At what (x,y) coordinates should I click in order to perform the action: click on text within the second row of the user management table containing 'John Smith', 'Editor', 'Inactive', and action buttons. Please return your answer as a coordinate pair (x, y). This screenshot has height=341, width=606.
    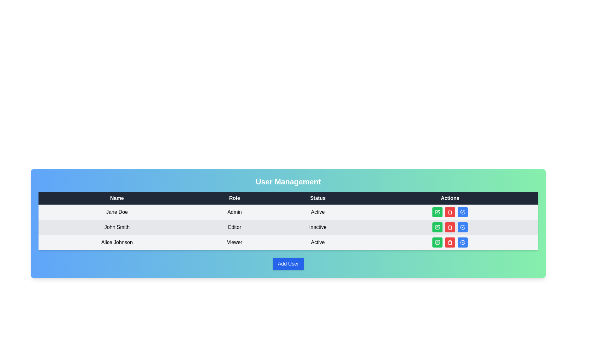
    Looking at the image, I should click on (288, 227).